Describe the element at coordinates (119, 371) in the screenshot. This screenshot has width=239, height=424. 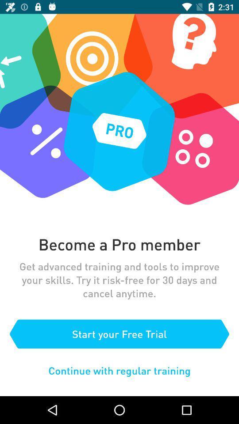
I see `the continue with regular` at that location.